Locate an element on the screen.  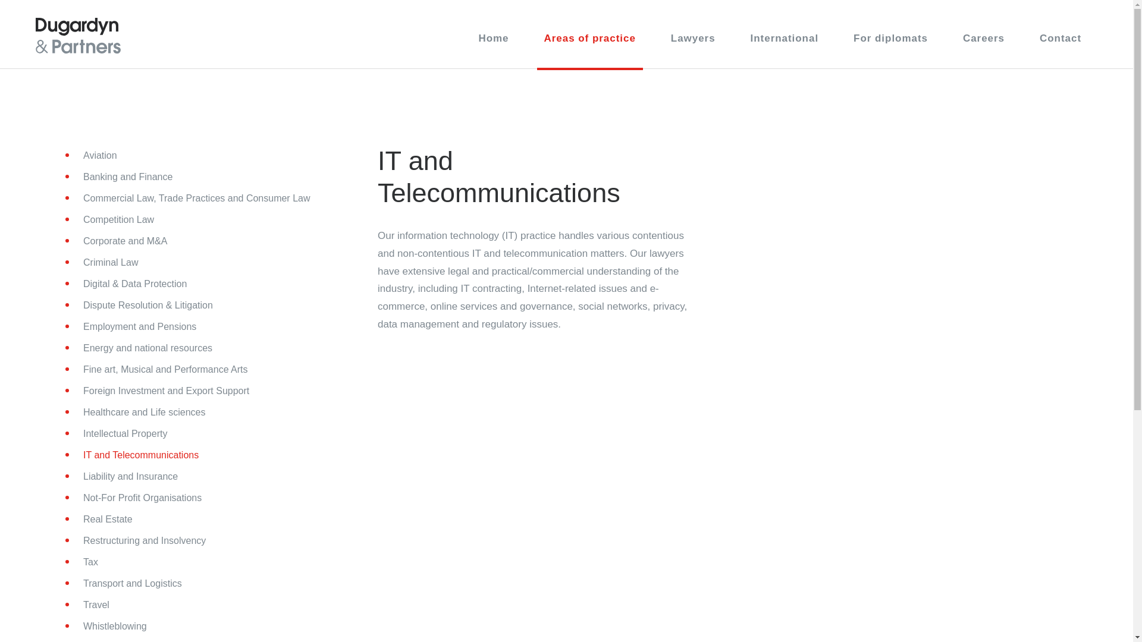
'Dugardyn & Partners' is located at coordinates (77, 35).